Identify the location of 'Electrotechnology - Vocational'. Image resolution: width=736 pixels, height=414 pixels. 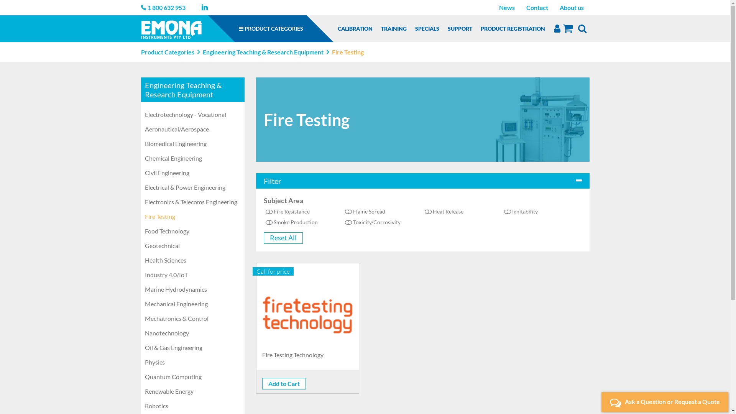
(193, 115).